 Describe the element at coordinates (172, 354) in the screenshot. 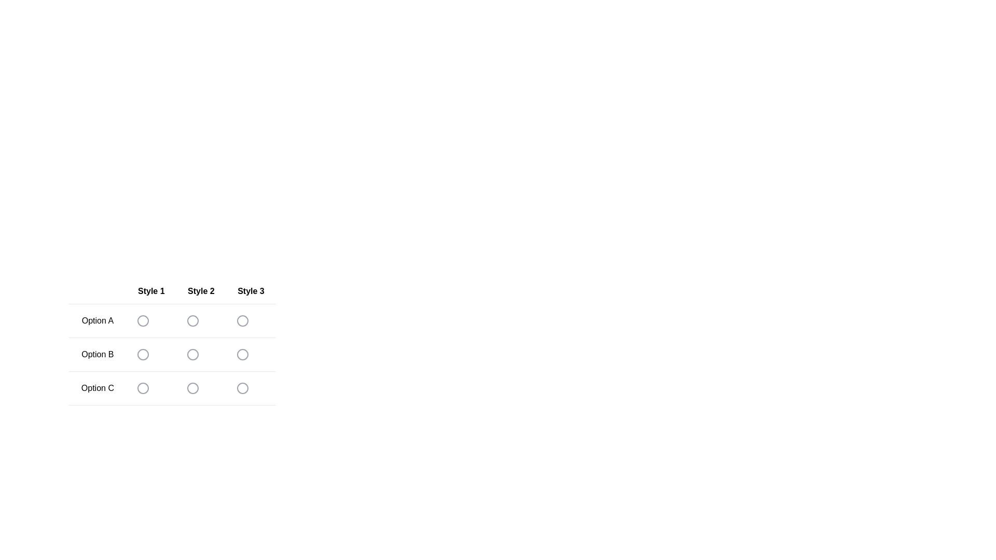

I see `the radio button for 'Option B' under the 'Style 2' category` at that location.